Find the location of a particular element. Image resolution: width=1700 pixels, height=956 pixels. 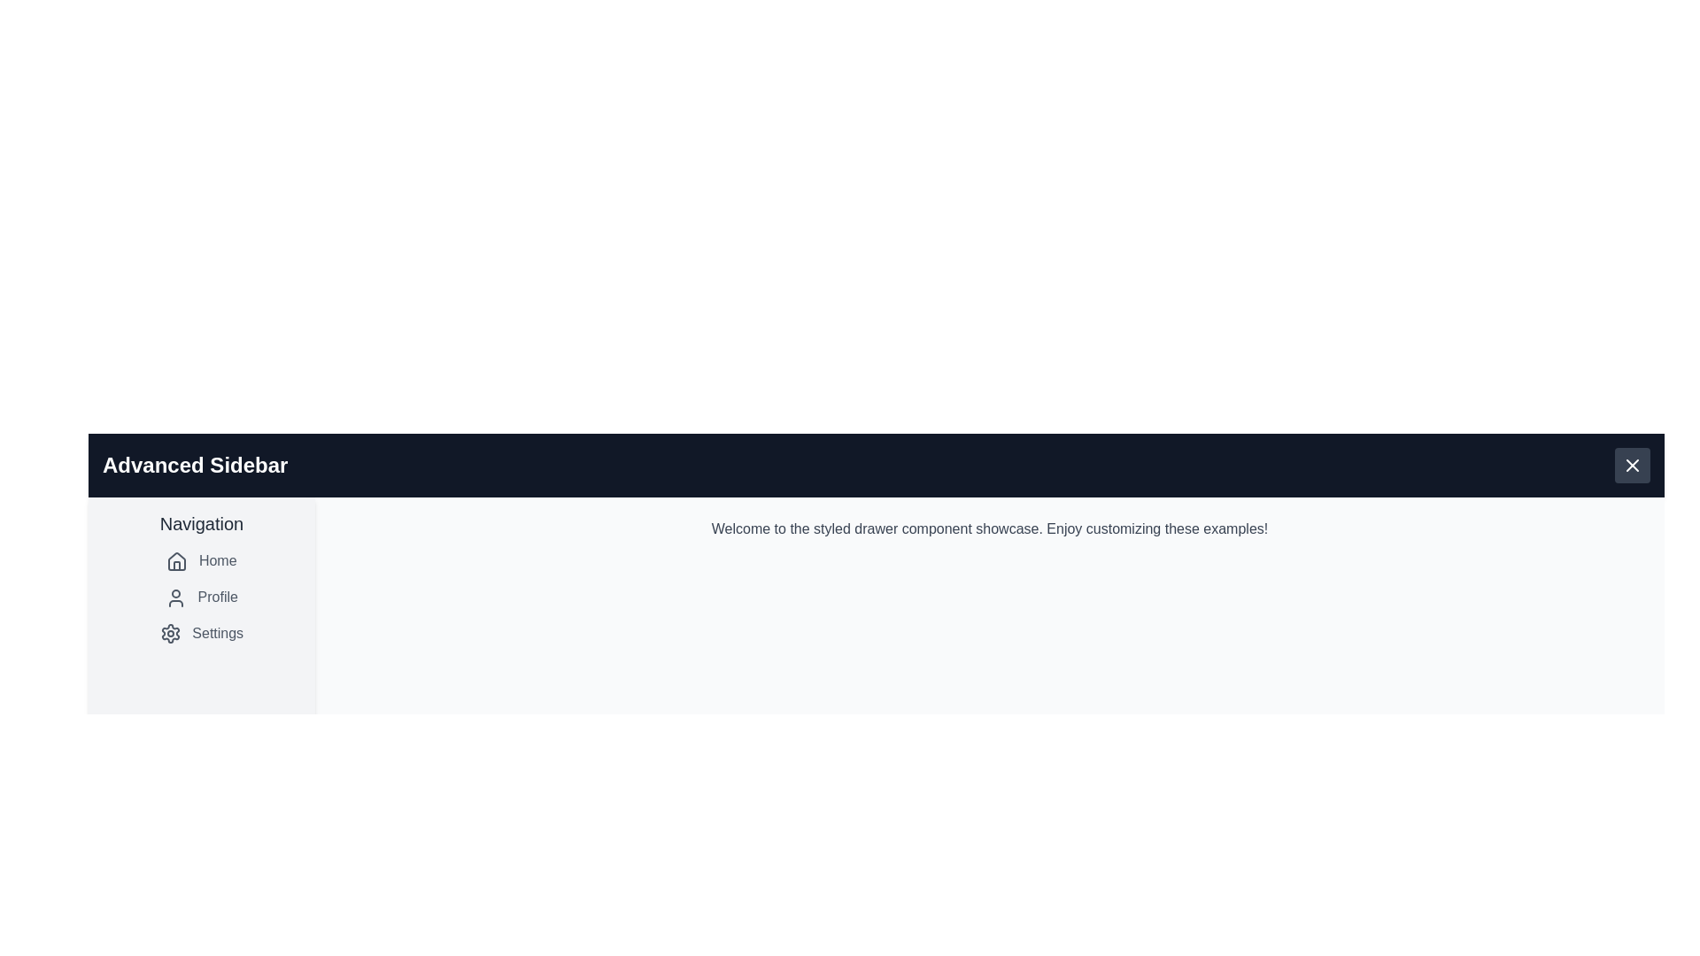

the first navigational link beneath the 'Navigation' header in the left sidebar to change its color is located at coordinates (201, 560).